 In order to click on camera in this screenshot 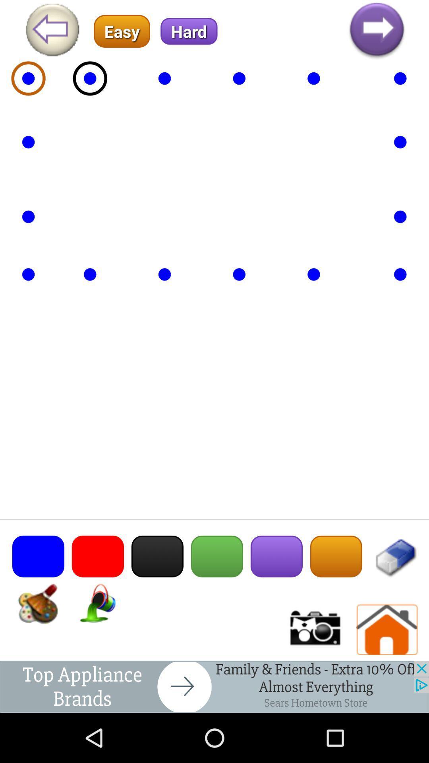, I will do `click(314, 629)`.